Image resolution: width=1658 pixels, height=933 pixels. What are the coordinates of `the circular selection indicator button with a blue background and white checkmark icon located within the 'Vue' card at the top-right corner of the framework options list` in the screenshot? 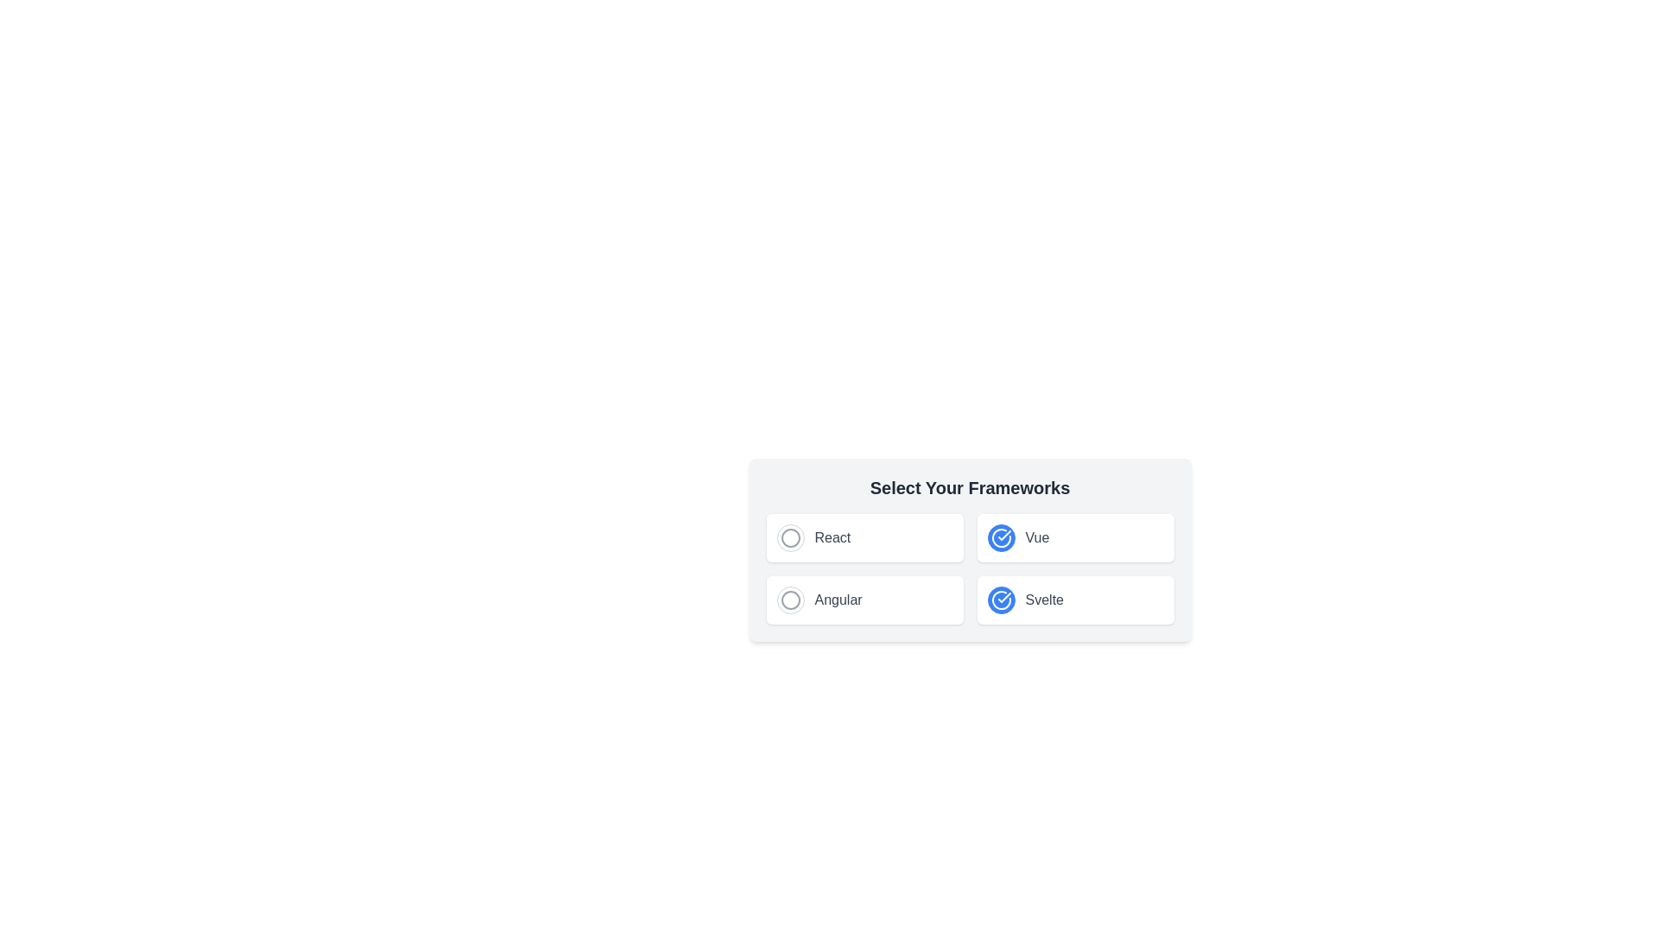 It's located at (1001, 537).